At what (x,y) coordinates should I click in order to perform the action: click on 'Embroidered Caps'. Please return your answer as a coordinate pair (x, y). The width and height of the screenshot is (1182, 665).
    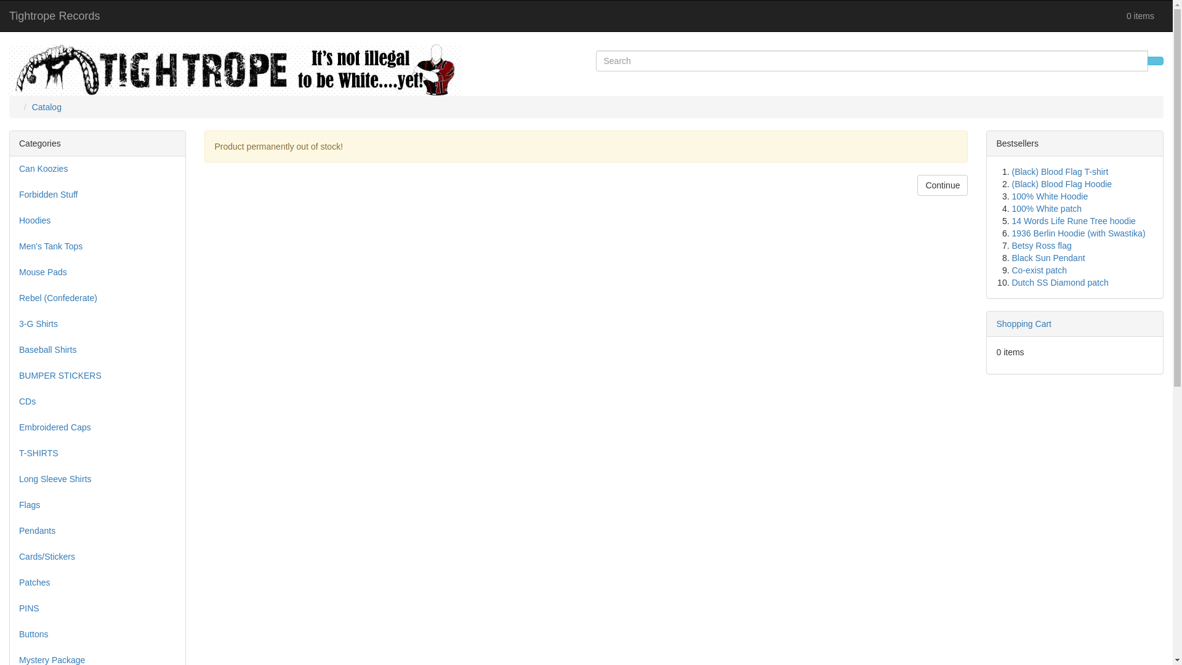
    Looking at the image, I should click on (97, 427).